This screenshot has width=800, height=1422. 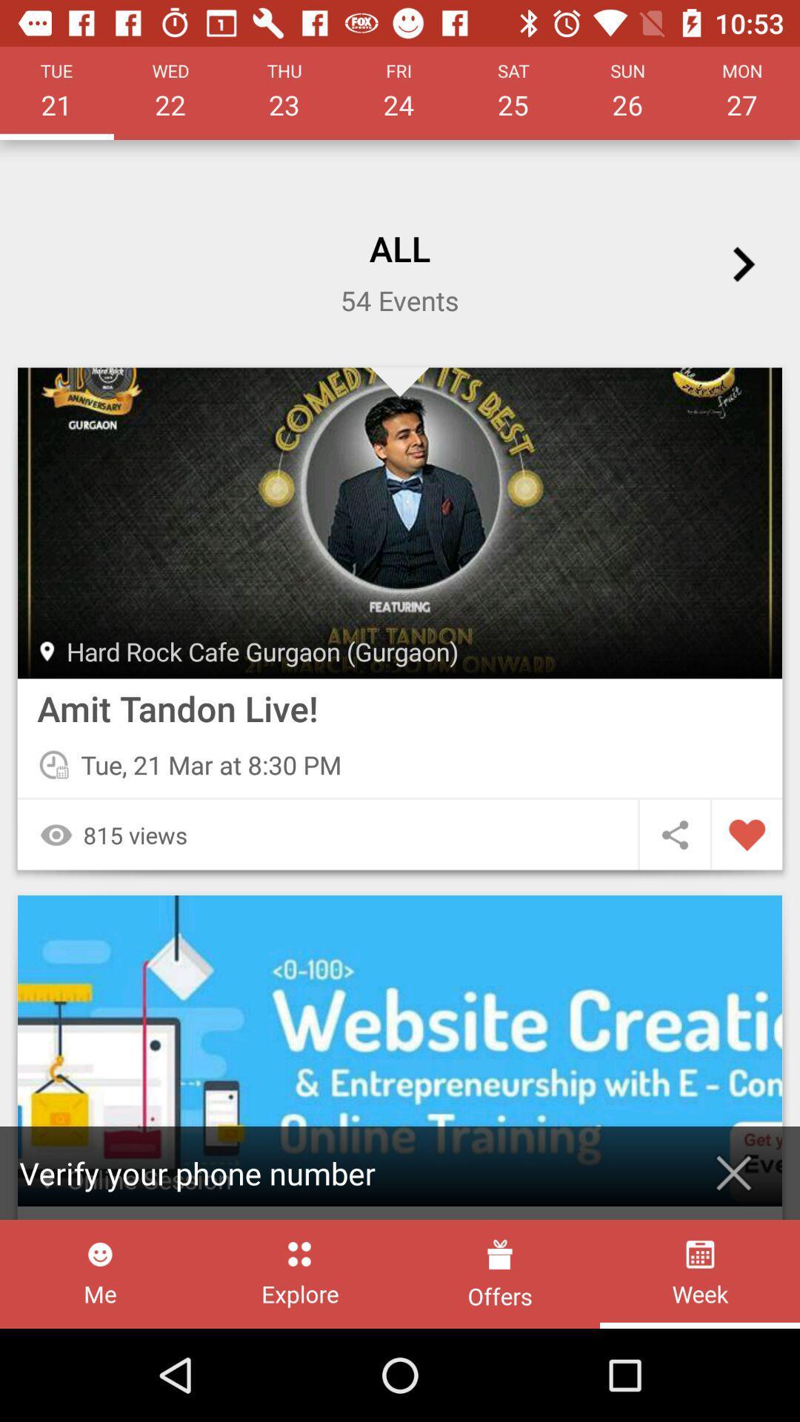 I want to click on the close icon, so click(x=733, y=1172).